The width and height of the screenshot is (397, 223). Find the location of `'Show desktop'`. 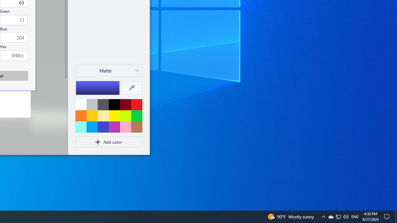

'Show desktop' is located at coordinates (388, 216).